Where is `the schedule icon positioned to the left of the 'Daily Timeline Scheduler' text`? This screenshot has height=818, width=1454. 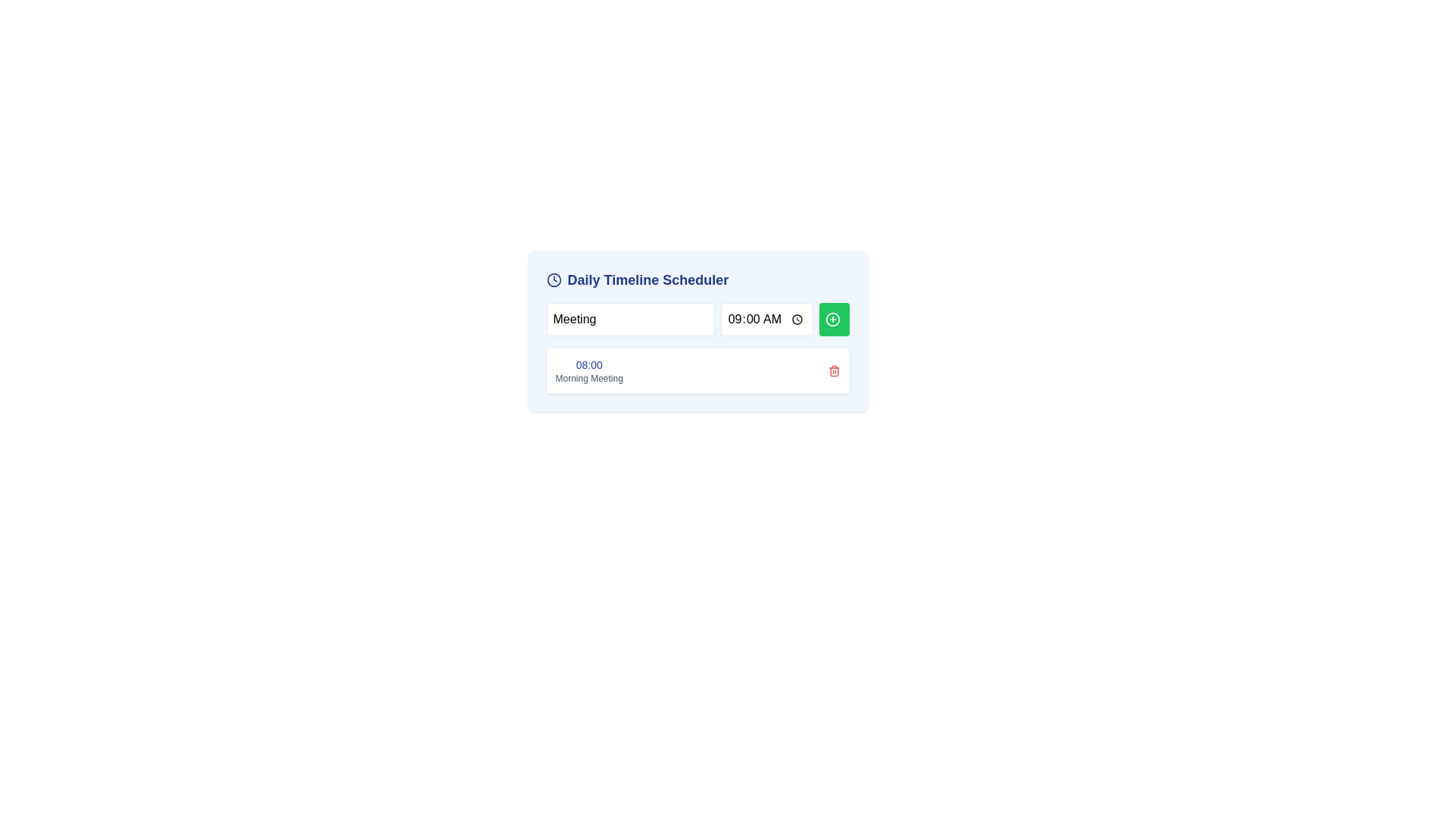 the schedule icon positioned to the left of the 'Daily Timeline Scheduler' text is located at coordinates (553, 280).